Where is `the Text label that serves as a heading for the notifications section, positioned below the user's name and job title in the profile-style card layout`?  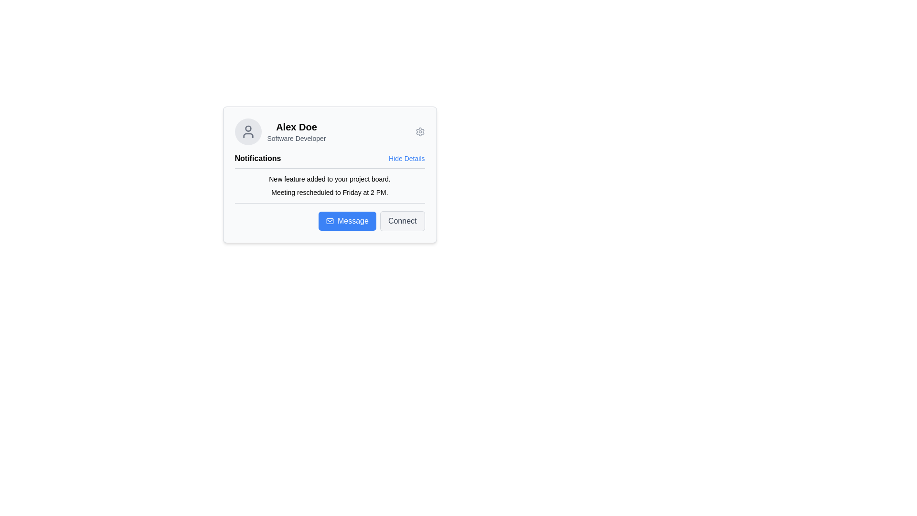 the Text label that serves as a heading for the notifications section, positioned below the user's name and job title in the profile-style card layout is located at coordinates (257, 158).